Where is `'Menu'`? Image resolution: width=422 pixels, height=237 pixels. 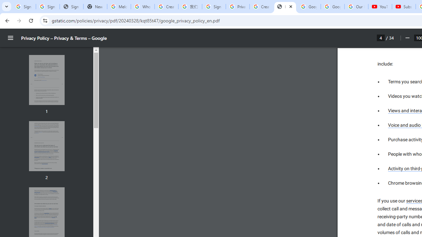
'Menu' is located at coordinates (11, 38).